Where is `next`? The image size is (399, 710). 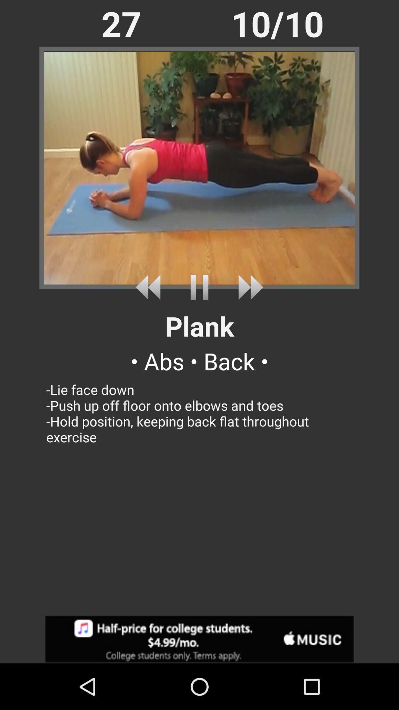 next is located at coordinates (150, 287).